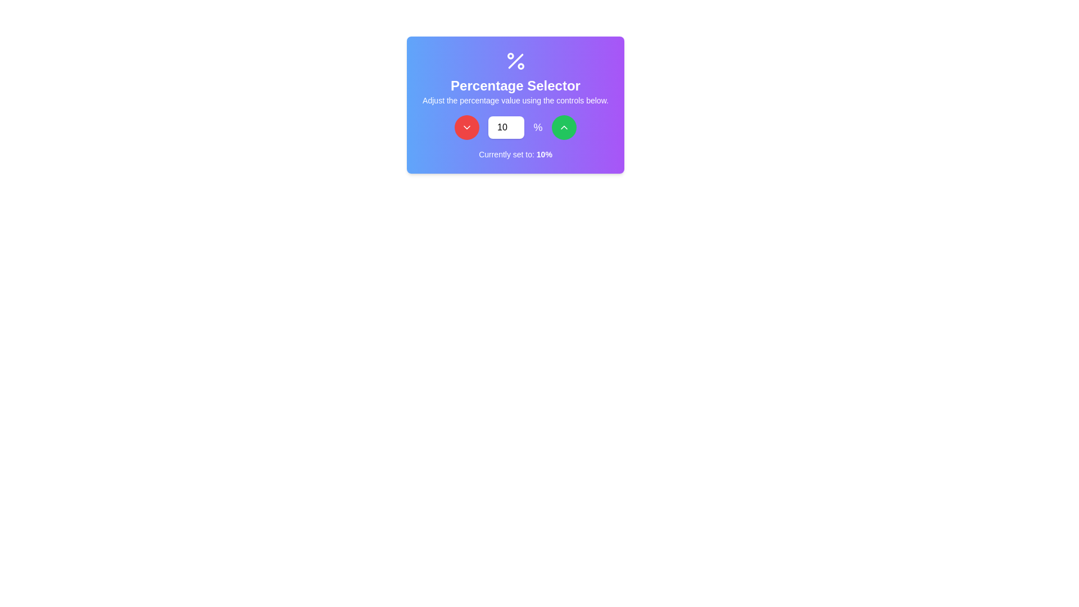 The width and height of the screenshot is (1079, 607). What do you see at coordinates (506, 127) in the screenshot?
I see `the number input box located between the red circular decrement button and the green circular increment button` at bounding box center [506, 127].